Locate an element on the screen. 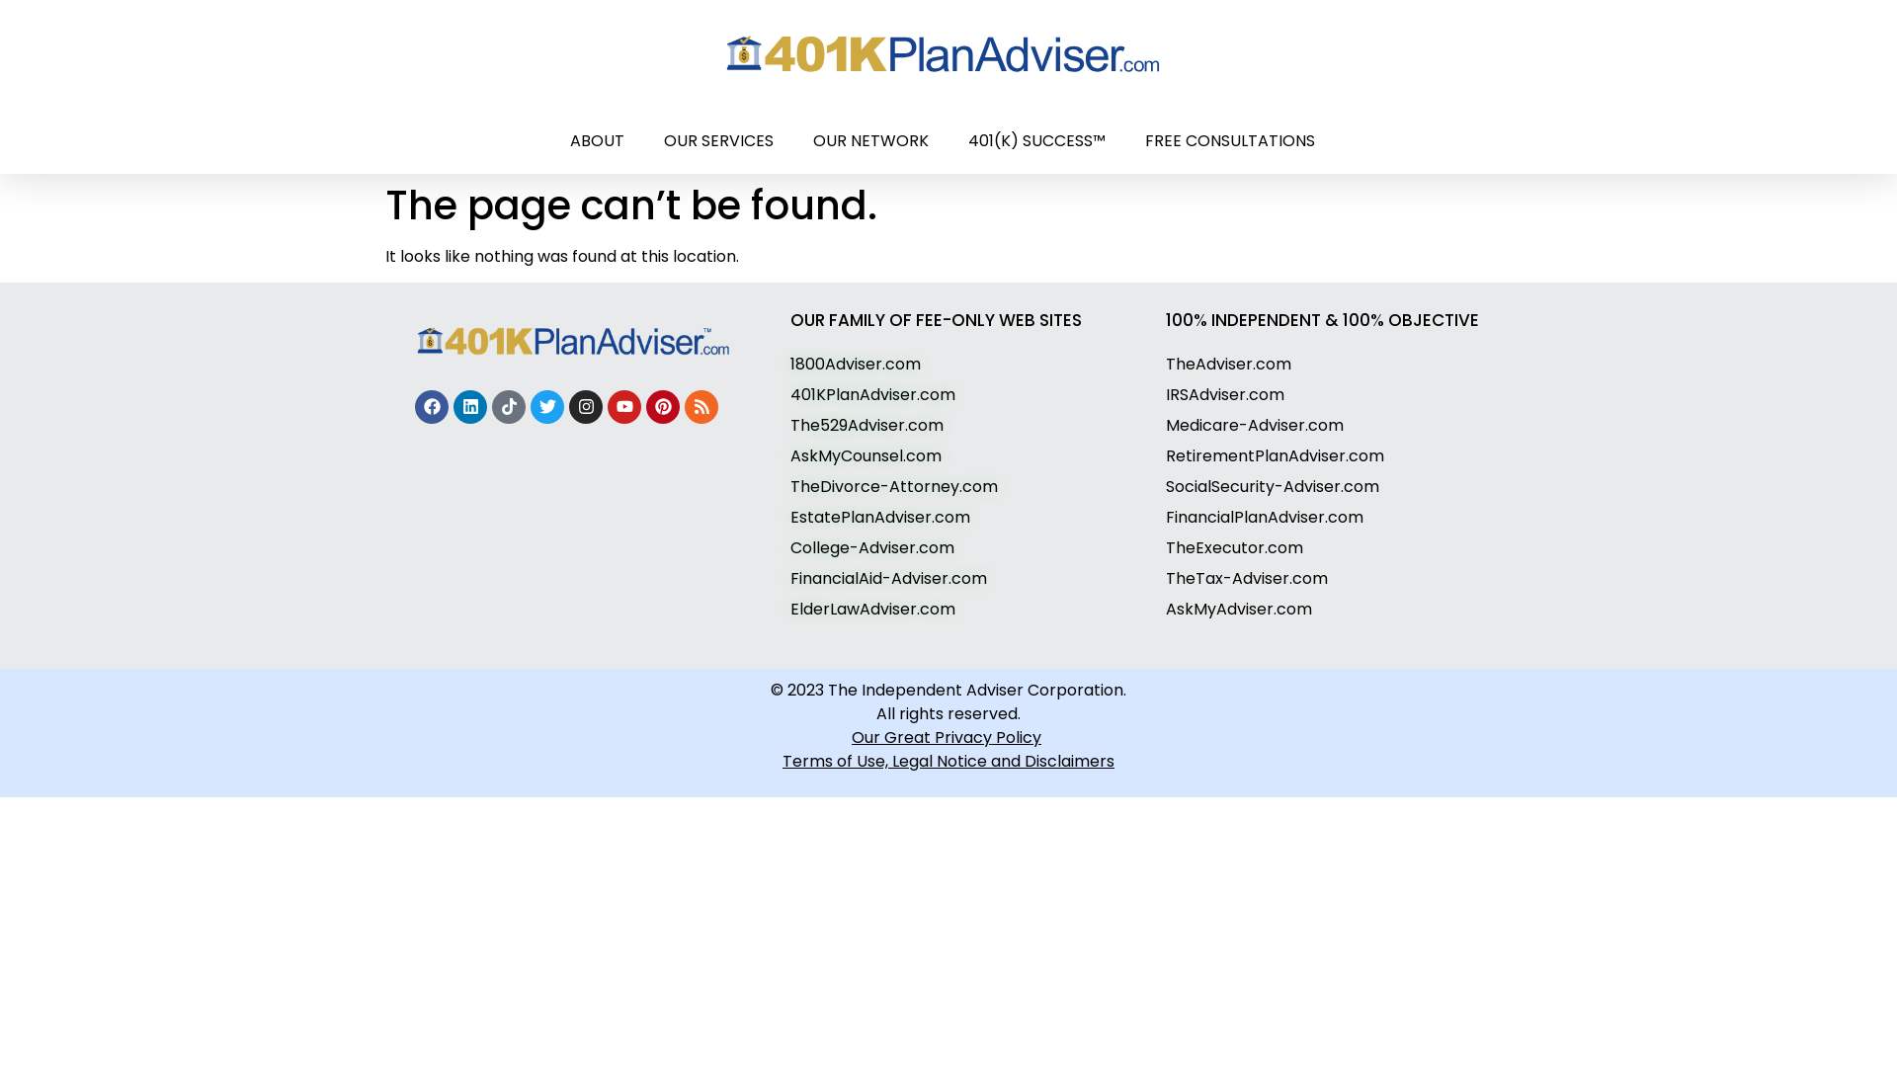 This screenshot has height=1067, width=1897. 'OUR SERVICES' is located at coordinates (717, 139).